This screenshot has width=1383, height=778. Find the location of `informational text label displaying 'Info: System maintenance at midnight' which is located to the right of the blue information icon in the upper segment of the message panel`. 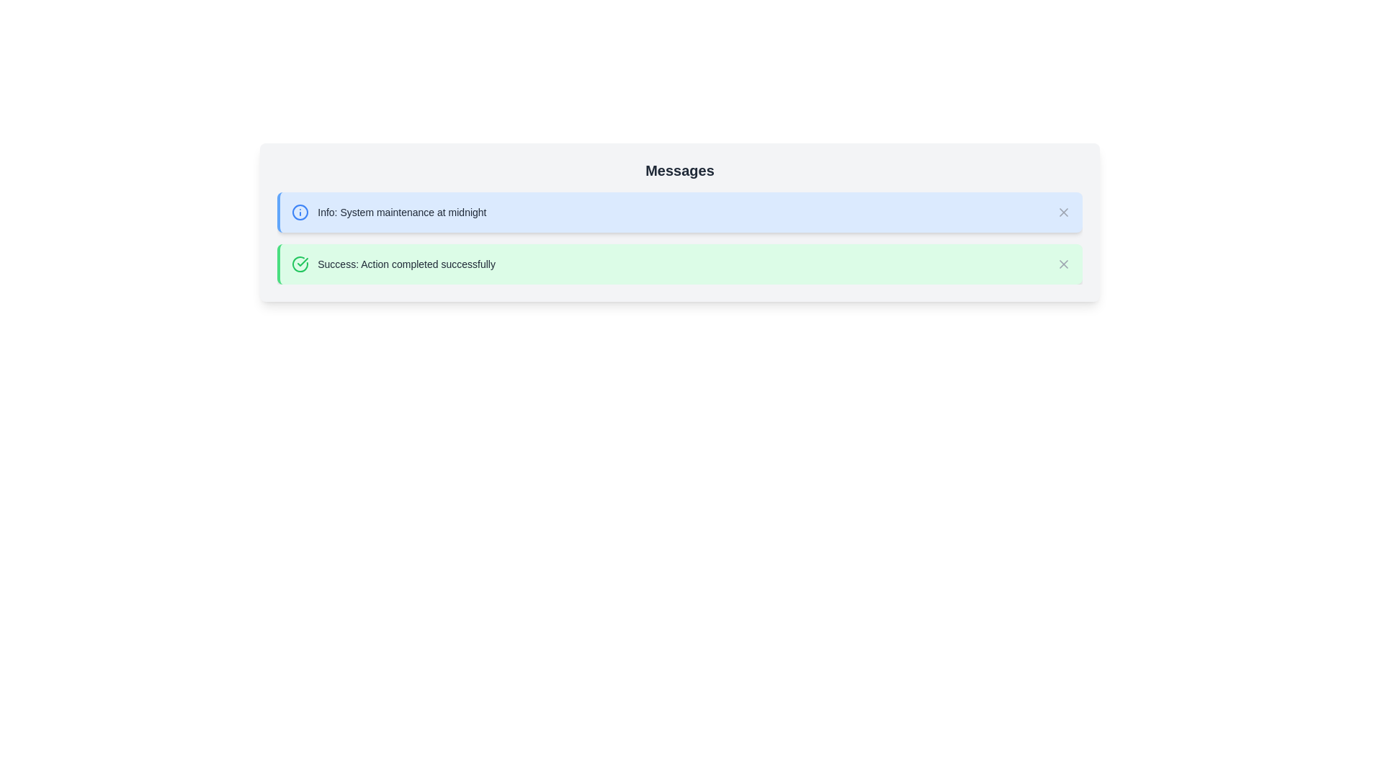

informational text label displaying 'Info: System maintenance at midnight' which is located to the right of the blue information icon in the upper segment of the message panel is located at coordinates (402, 212).